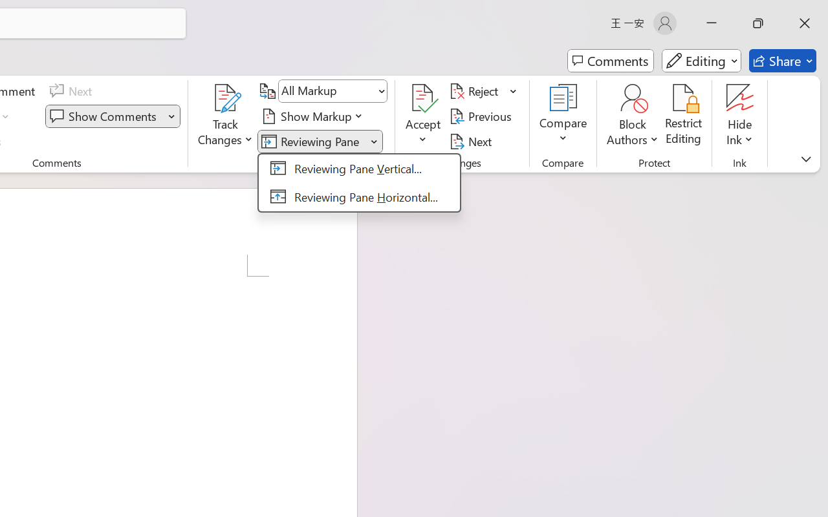 Image resolution: width=828 pixels, height=517 pixels. I want to click on 'Previous', so click(482, 116).